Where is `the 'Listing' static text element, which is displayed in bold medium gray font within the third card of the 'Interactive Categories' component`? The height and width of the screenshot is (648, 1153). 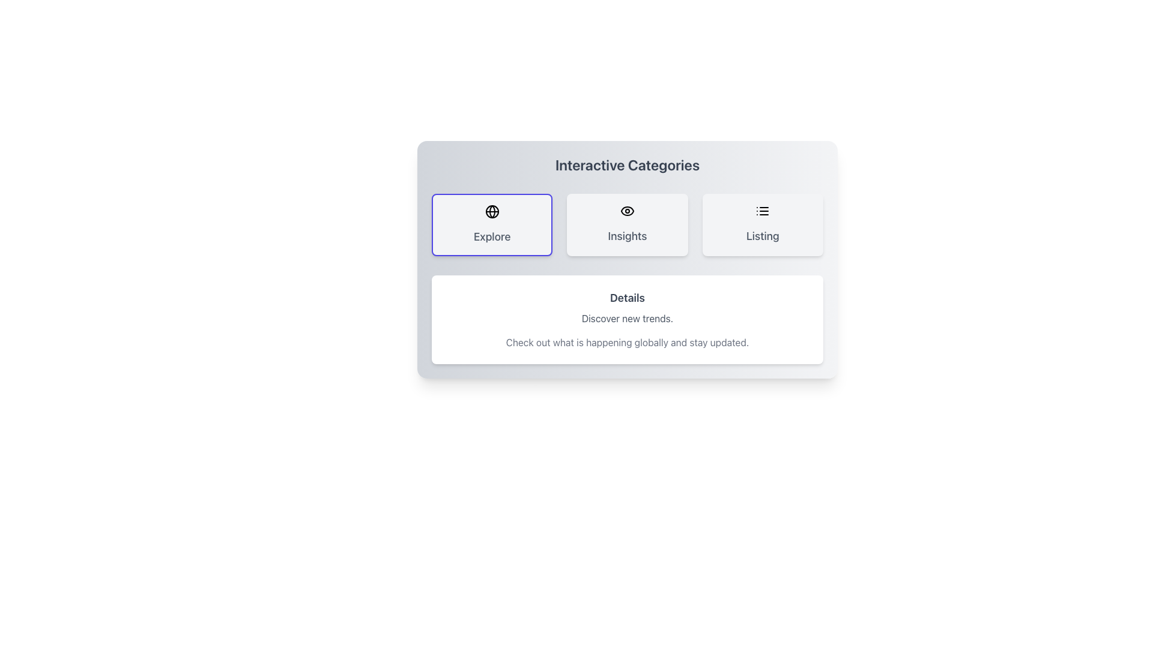
the 'Listing' static text element, which is displayed in bold medium gray font within the third card of the 'Interactive Categories' component is located at coordinates (762, 236).